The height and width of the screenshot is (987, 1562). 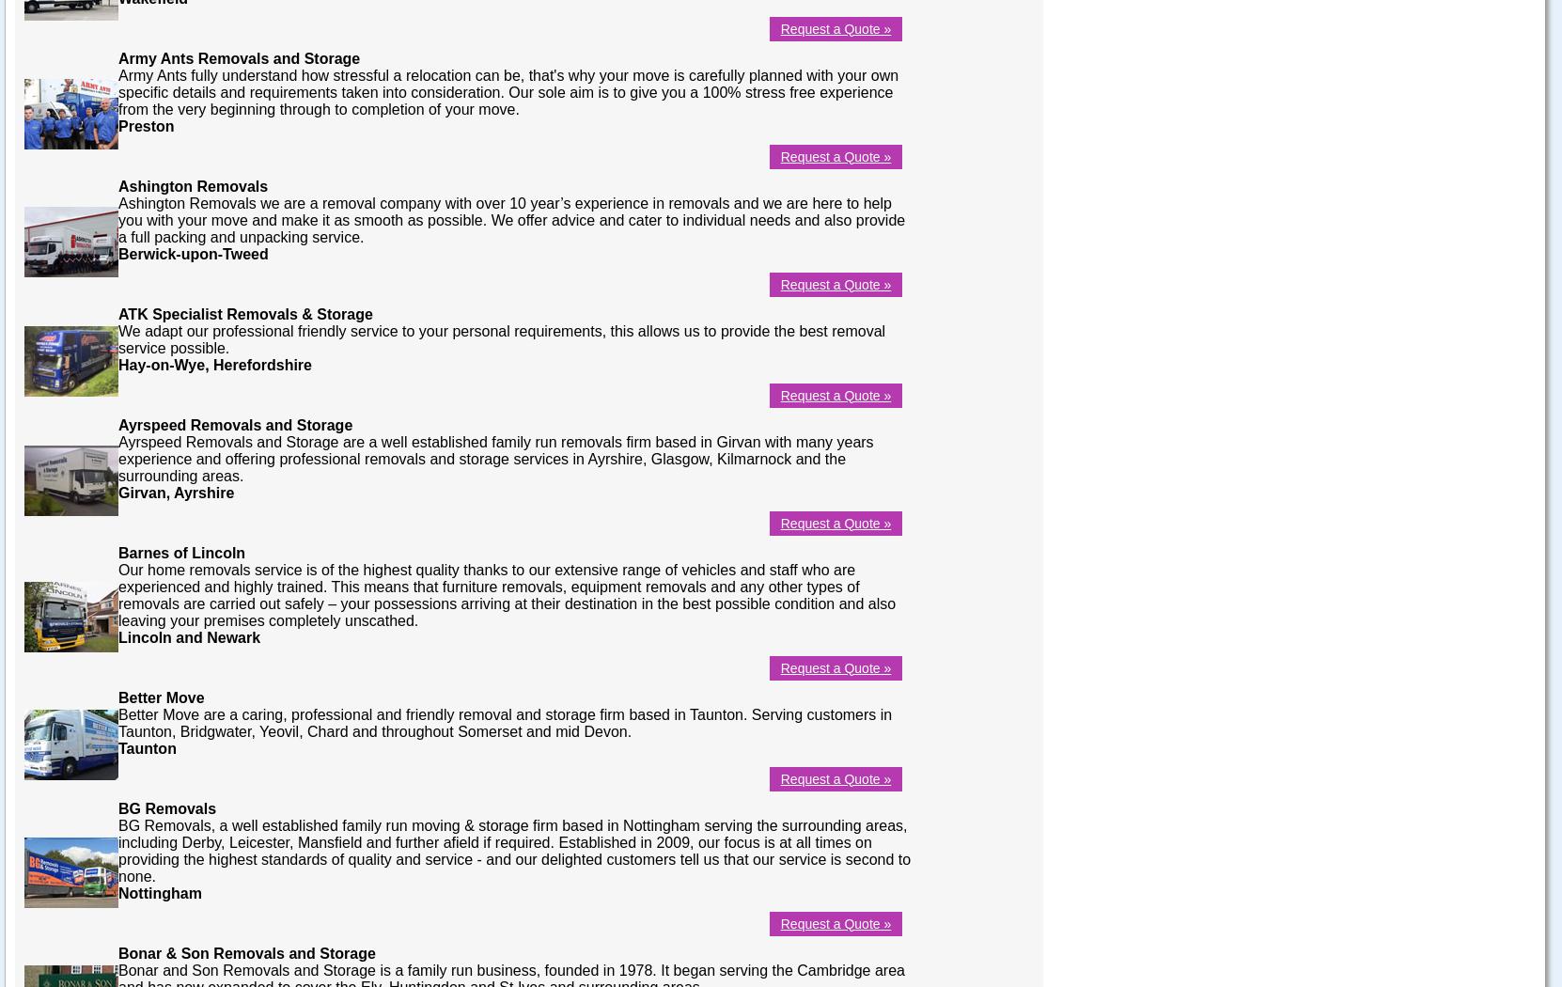 I want to click on 'We adapt our professional friendly service to your personal requirements, this allows us to provide the best removal service possible.', so click(x=117, y=337).